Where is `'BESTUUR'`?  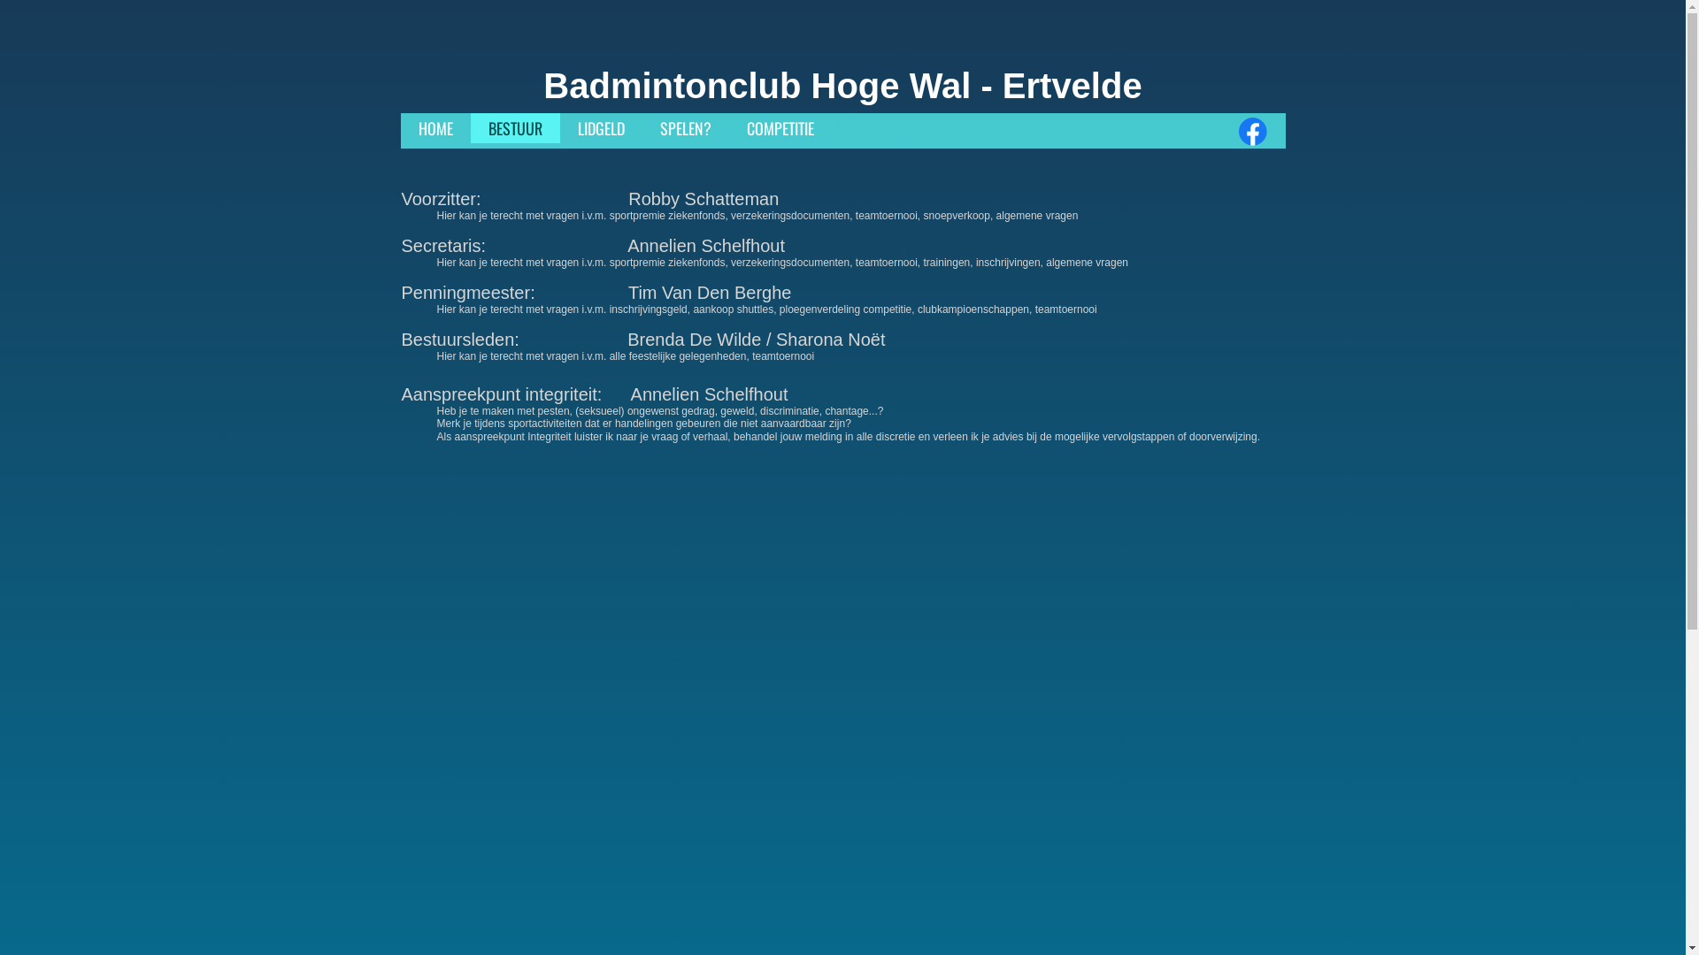
'BESTUUR' is located at coordinates (514, 127).